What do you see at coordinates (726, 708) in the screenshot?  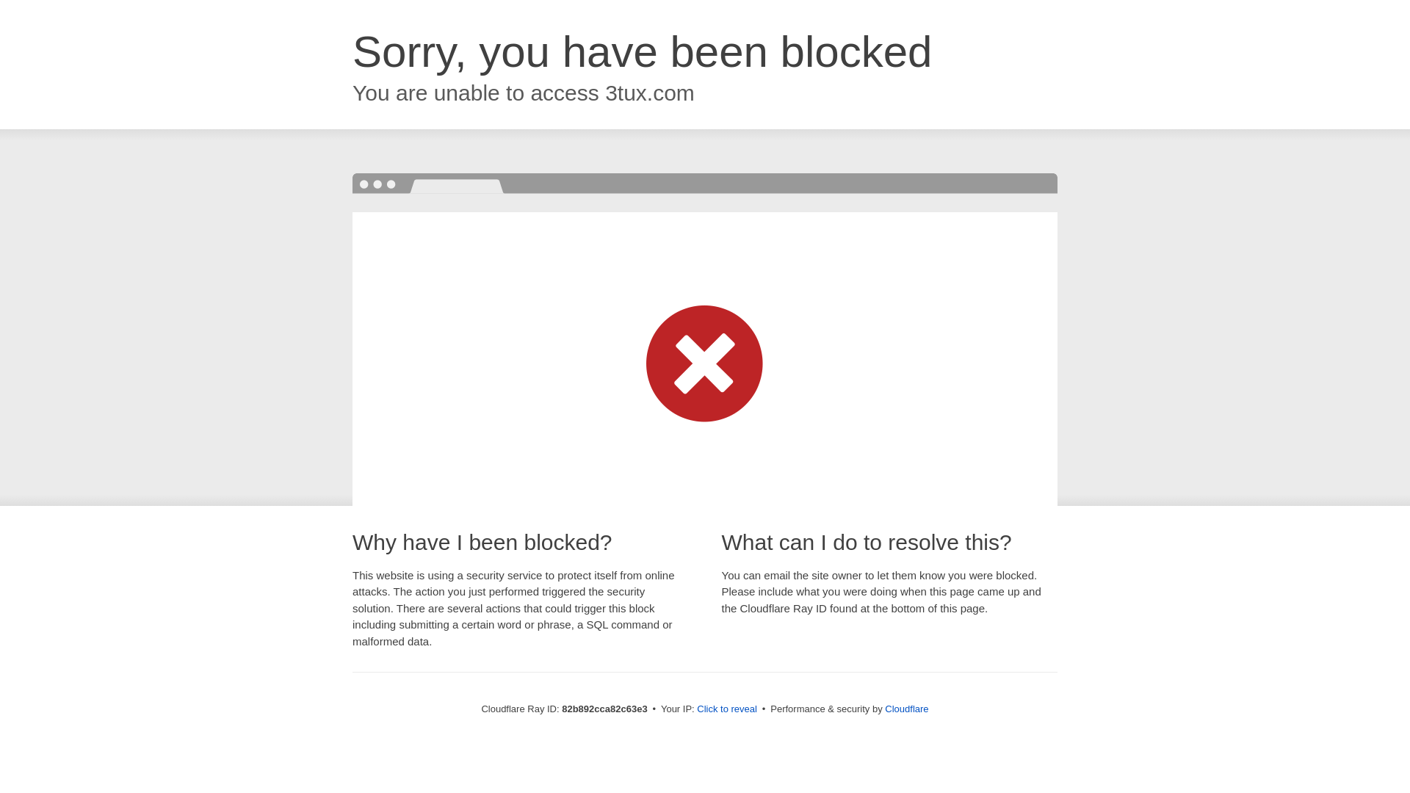 I see `'Click to reveal'` at bounding box center [726, 708].